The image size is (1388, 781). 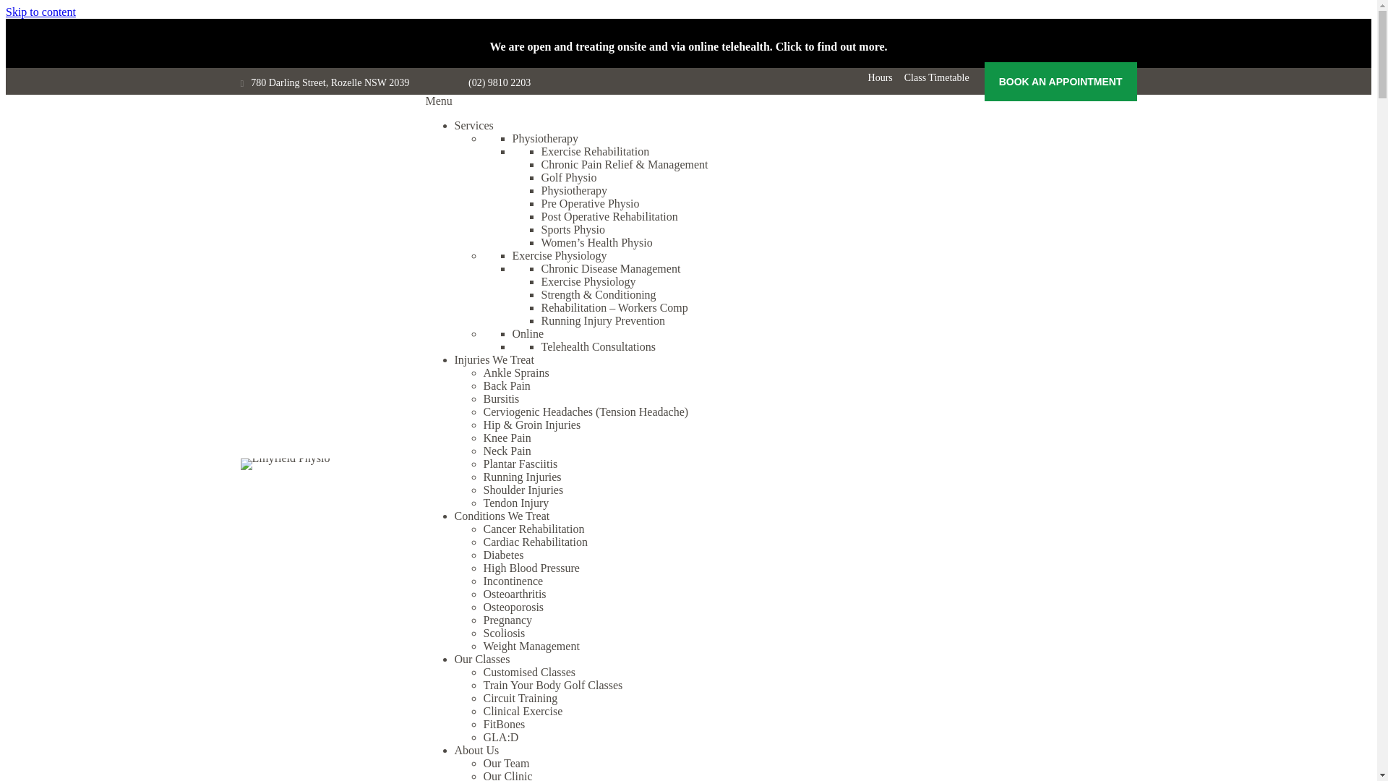 What do you see at coordinates (534, 542) in the screenshot?
I see `'Cardiac Rehabilitation'` at bounding box center [534, 542].